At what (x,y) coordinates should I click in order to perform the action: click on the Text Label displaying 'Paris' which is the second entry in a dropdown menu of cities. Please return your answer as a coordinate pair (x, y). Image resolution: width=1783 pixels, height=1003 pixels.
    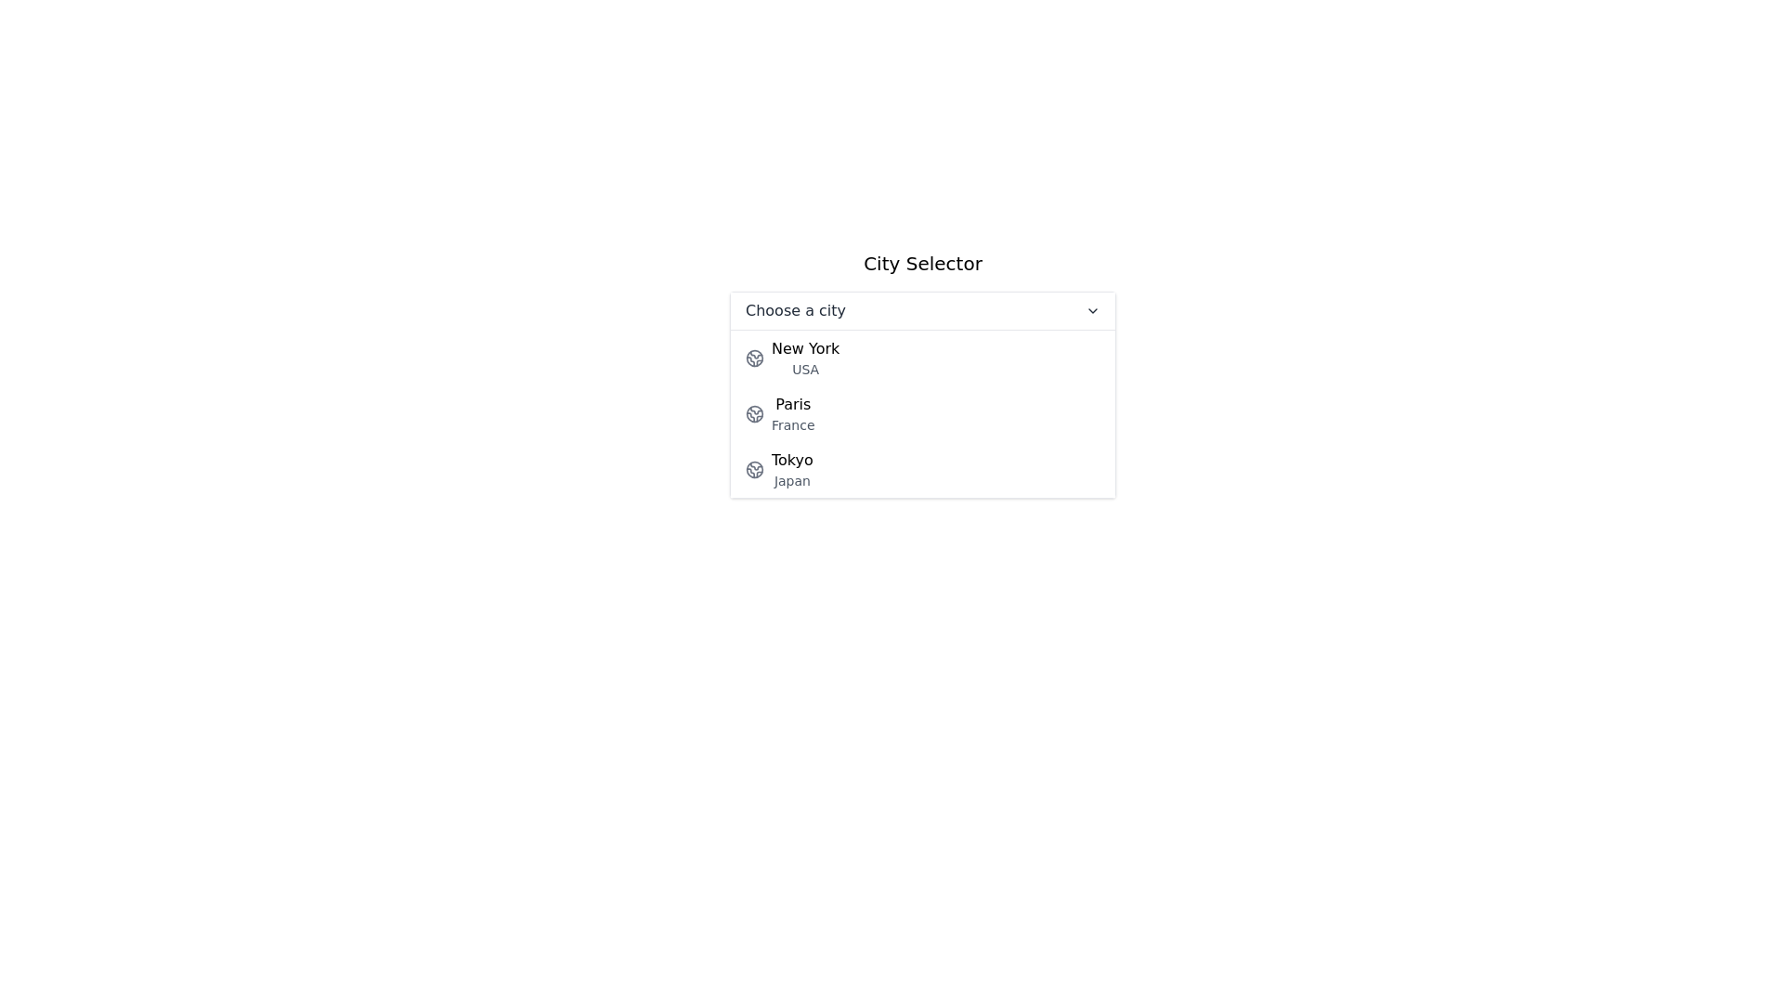
    Looking at the image, I should click on (793, 413).